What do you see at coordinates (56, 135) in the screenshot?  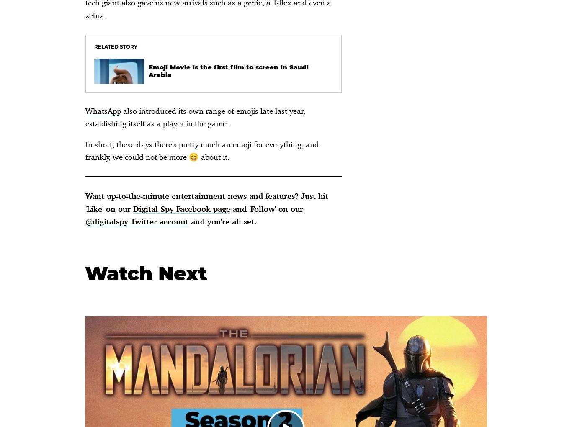 I see `'Cookies Choices'` at bounding box center [56, 135].